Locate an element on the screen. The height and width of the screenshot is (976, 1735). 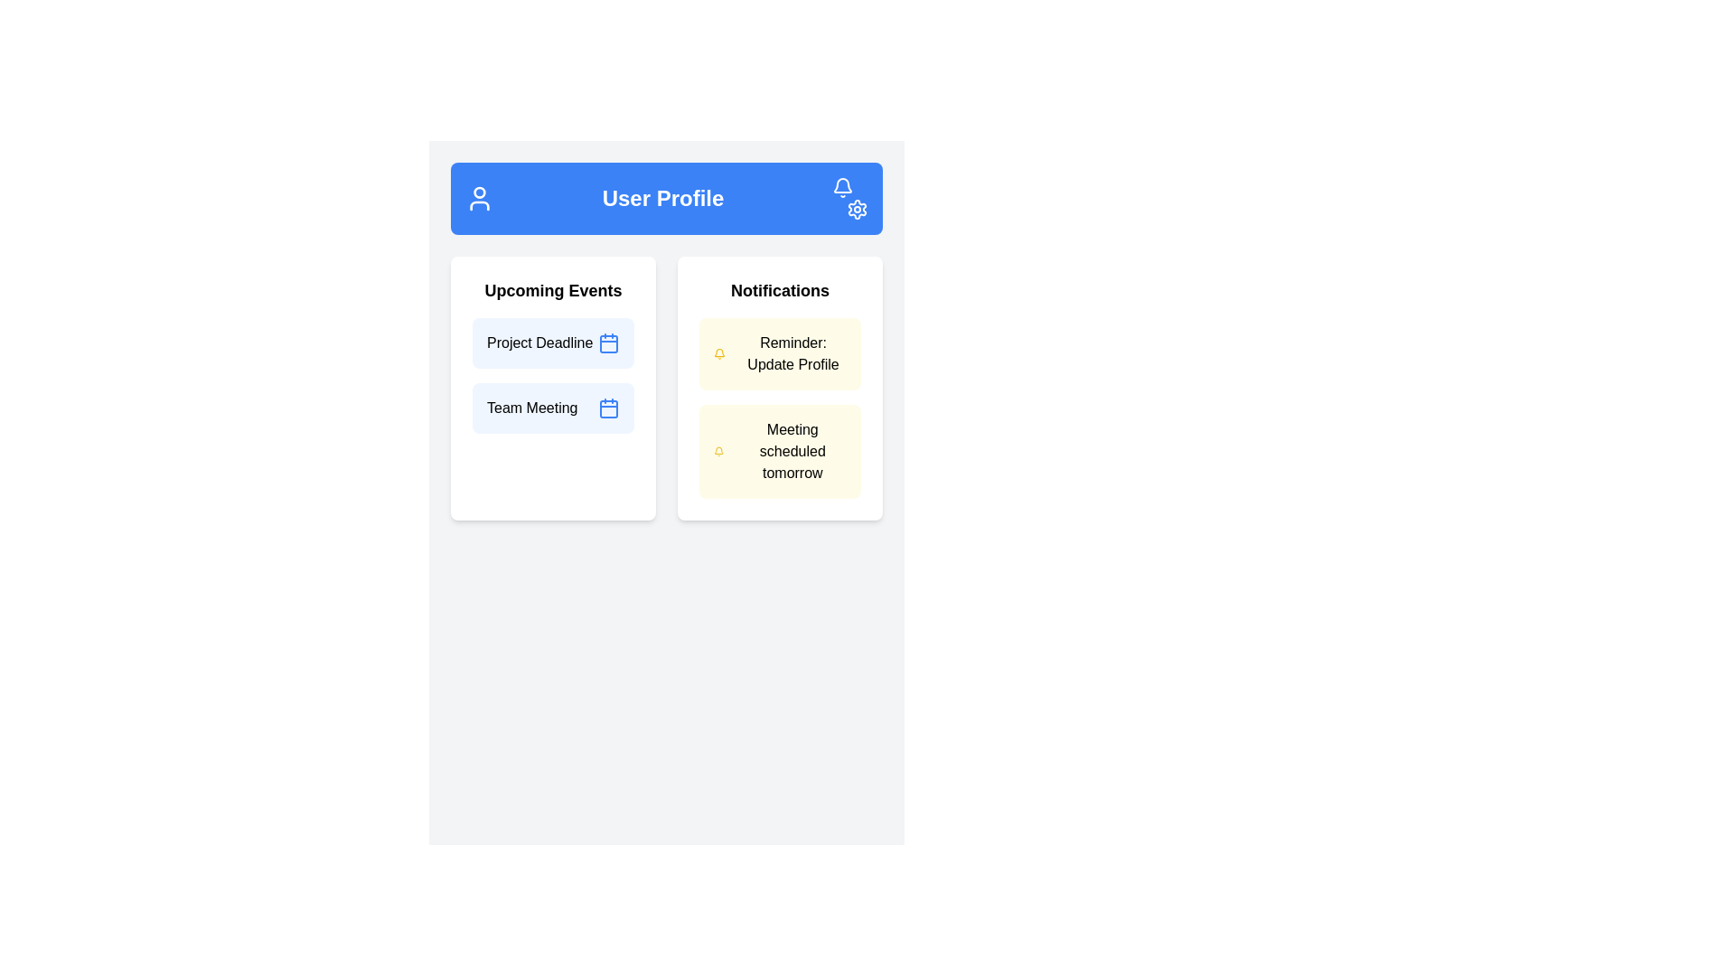
text on the second Notification card in the 'Notifications' section, which serves as a visual reminder for a scheduled meeting is located at coordinates (780, 451).